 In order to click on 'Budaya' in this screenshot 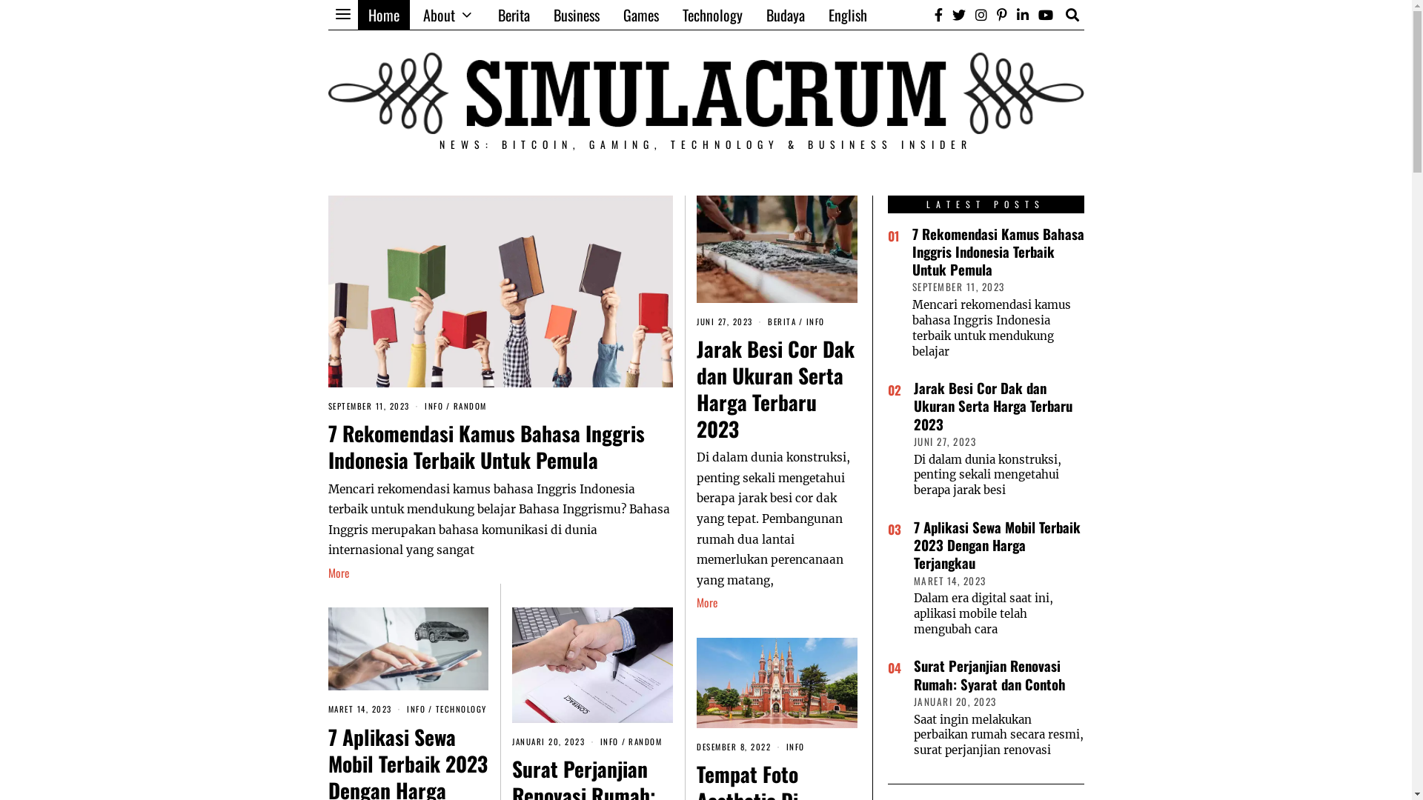, I will do `click(785, 14)`.